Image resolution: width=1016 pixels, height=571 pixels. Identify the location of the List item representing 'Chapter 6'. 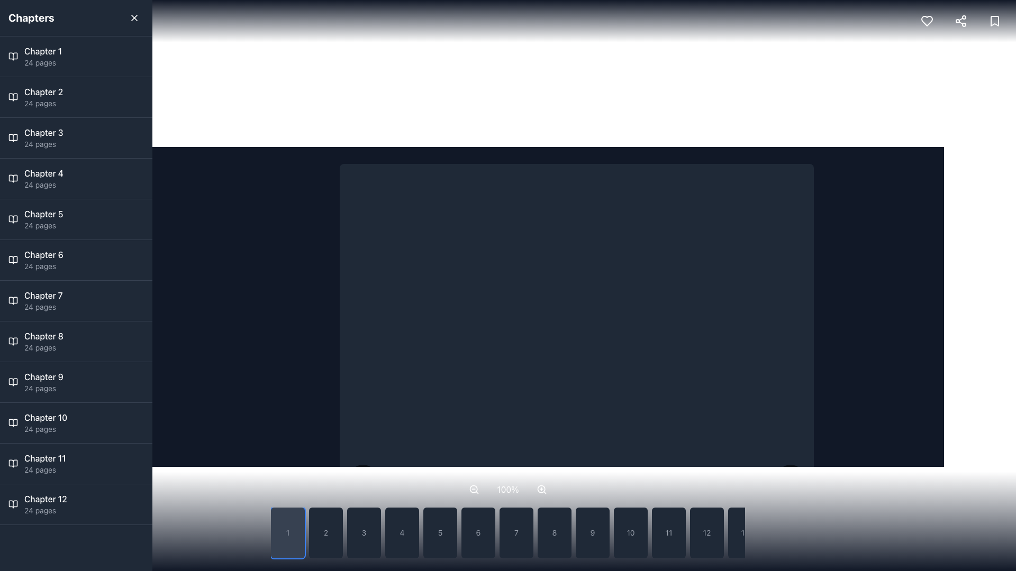
(43, 260).